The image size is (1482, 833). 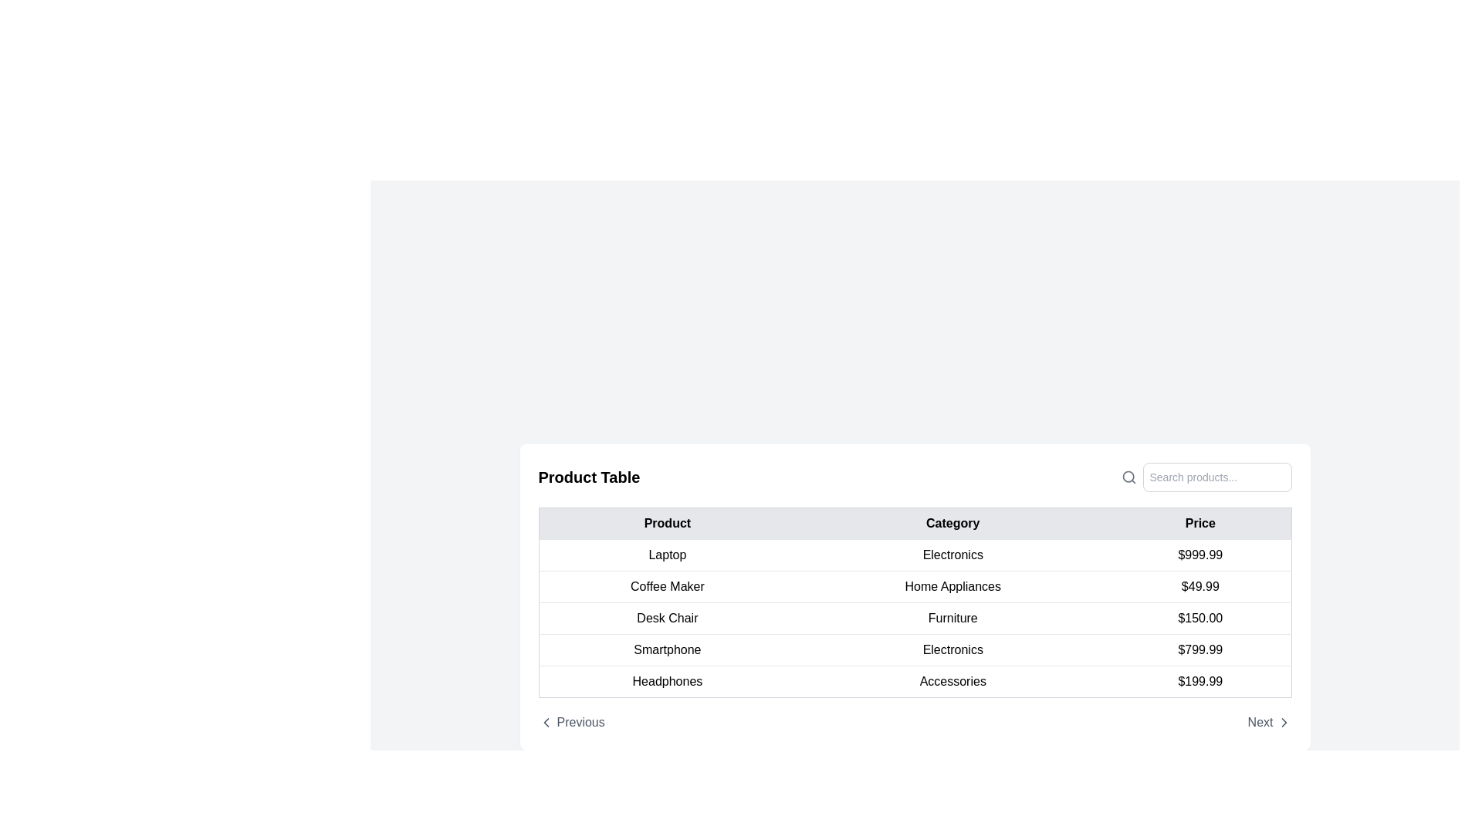 I want to click on the 'Product' column header in the table, which is the first column header located at the leftmost position of the top row, so click(x=667, y=522).